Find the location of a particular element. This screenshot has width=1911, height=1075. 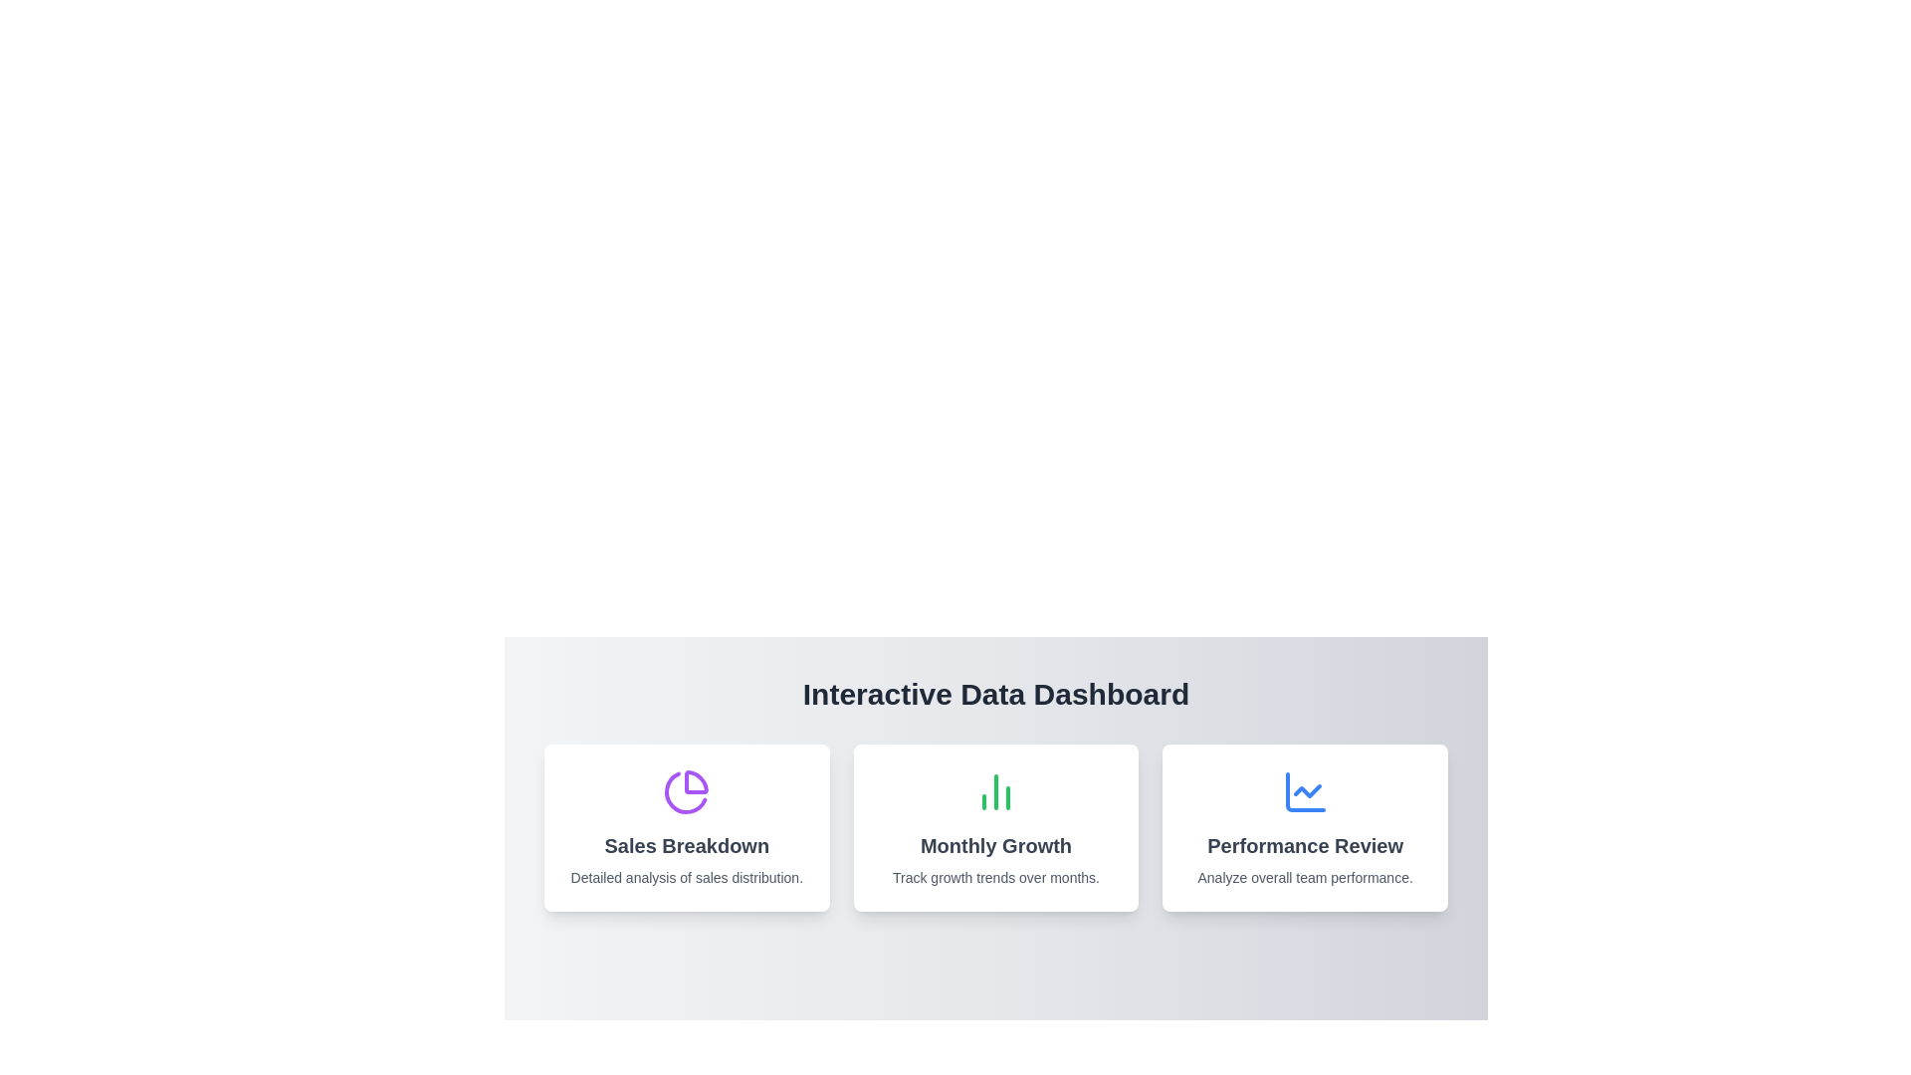

the 'Sales Breakdown' pie chart icon located at the top of the 'Sales Breakdown' card, which is the leftmost of three horizontally aligned cards is located at coordinates (687, 790).